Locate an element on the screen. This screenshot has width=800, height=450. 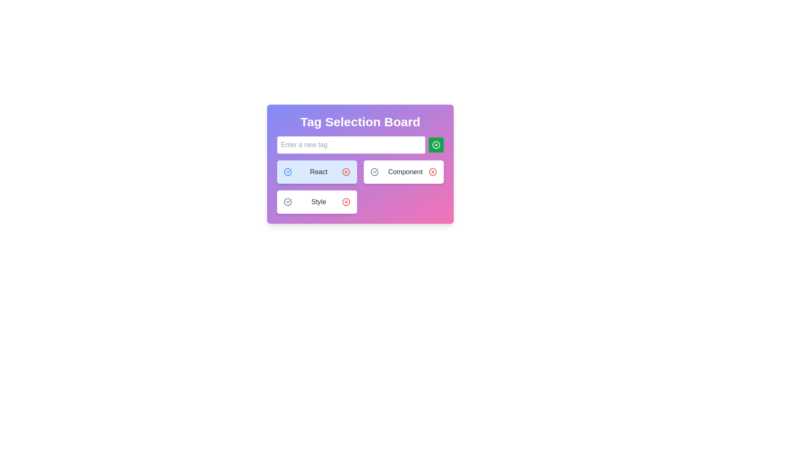
the 'Style' label with interactive toggle buttons, which features a white background, rounded corners, and displays the text 'Style' in dark gray, with checkmark and 'X' icons adjacent to it is located at coordinates (317, 202).